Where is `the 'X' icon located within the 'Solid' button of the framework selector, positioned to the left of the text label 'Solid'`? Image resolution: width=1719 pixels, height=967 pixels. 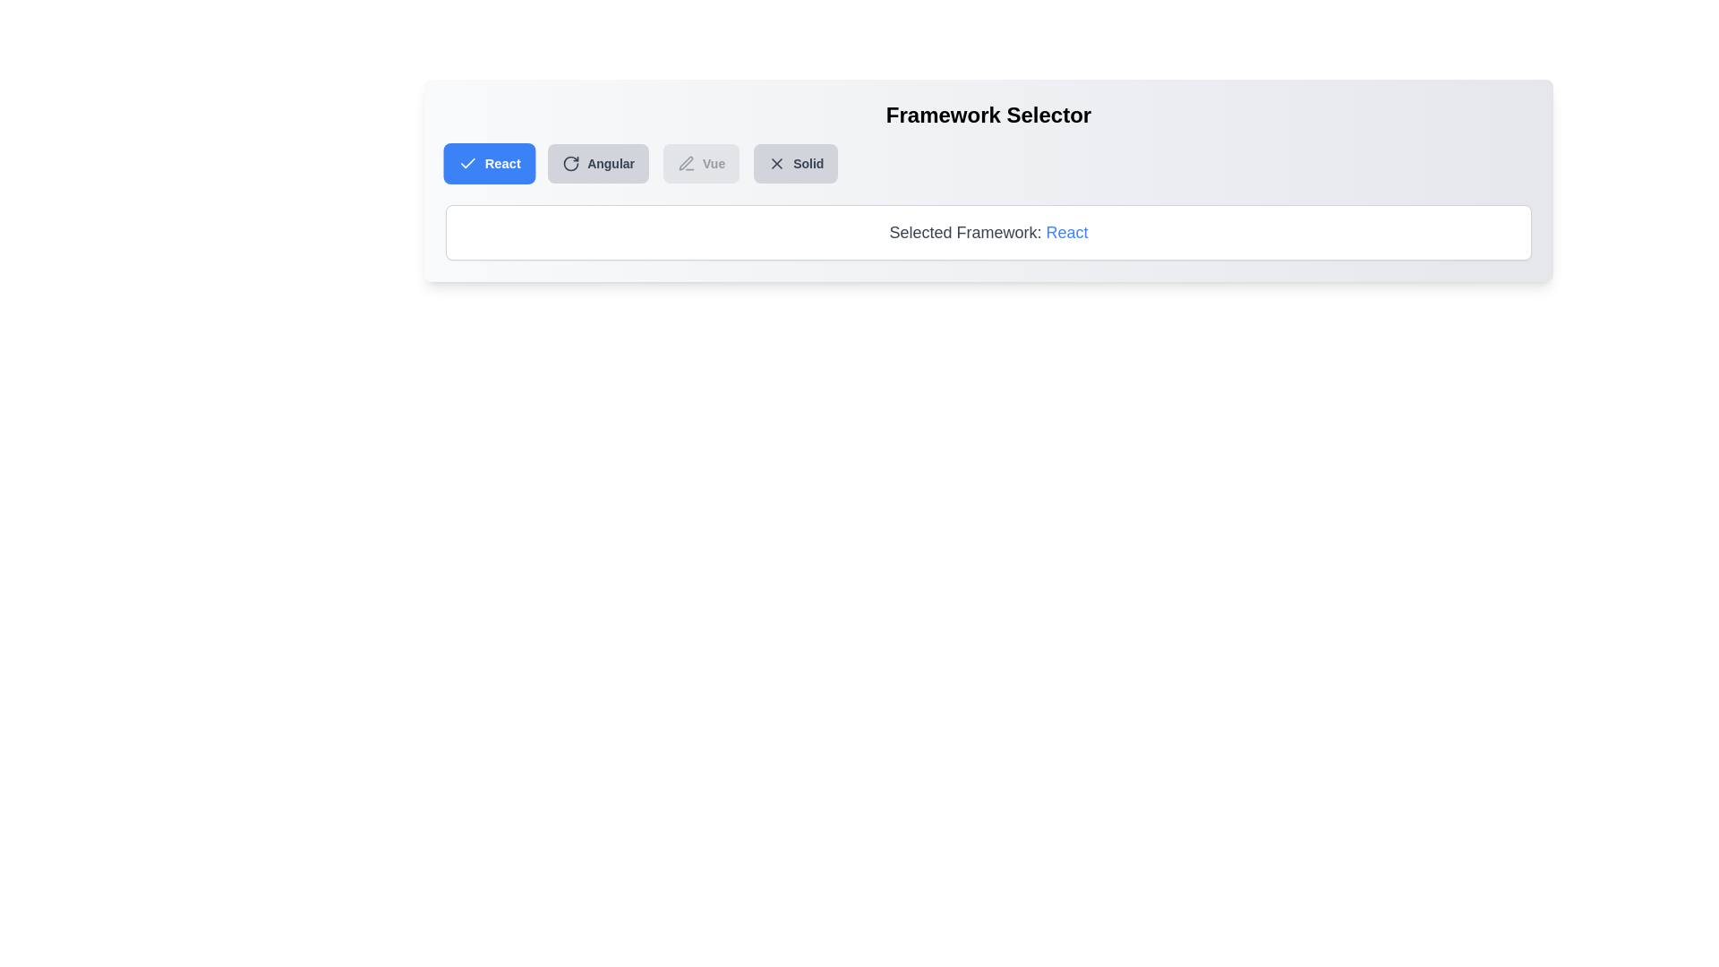 the 'X' icon located within the 'Solid' button of the framework selector, positioned to the left of the text label 'Solid' is located at coordinates (777, 163).